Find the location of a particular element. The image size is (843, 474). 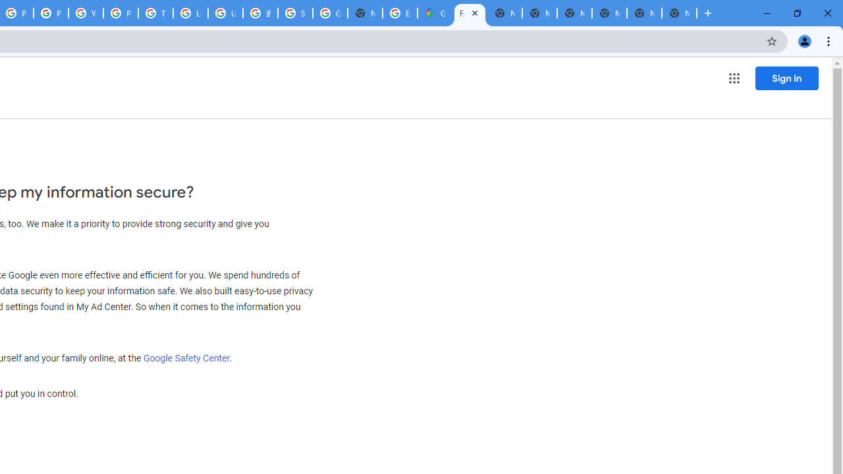

'New Tab' is located at coordinates (679, 13).